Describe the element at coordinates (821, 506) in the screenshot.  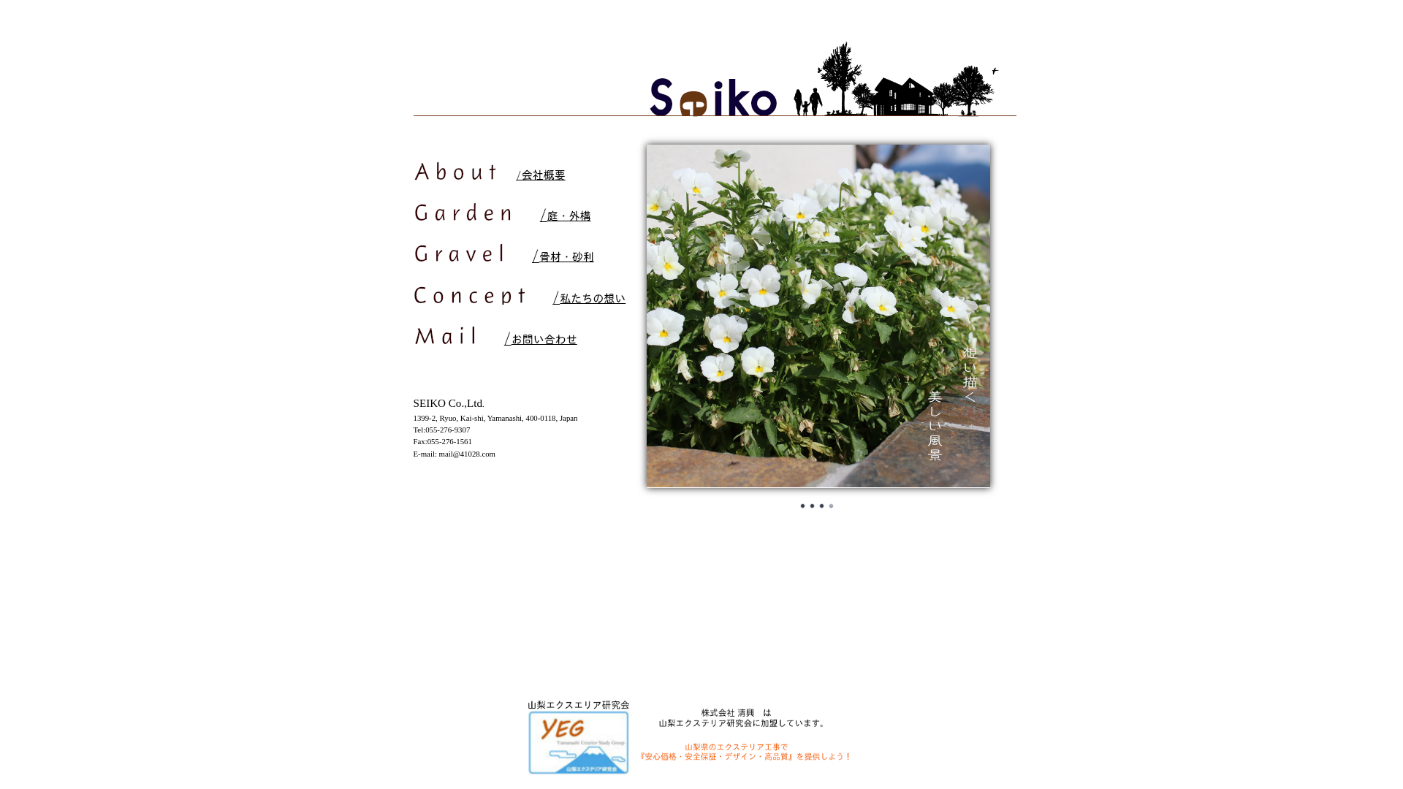
I see `'3'` at that location.